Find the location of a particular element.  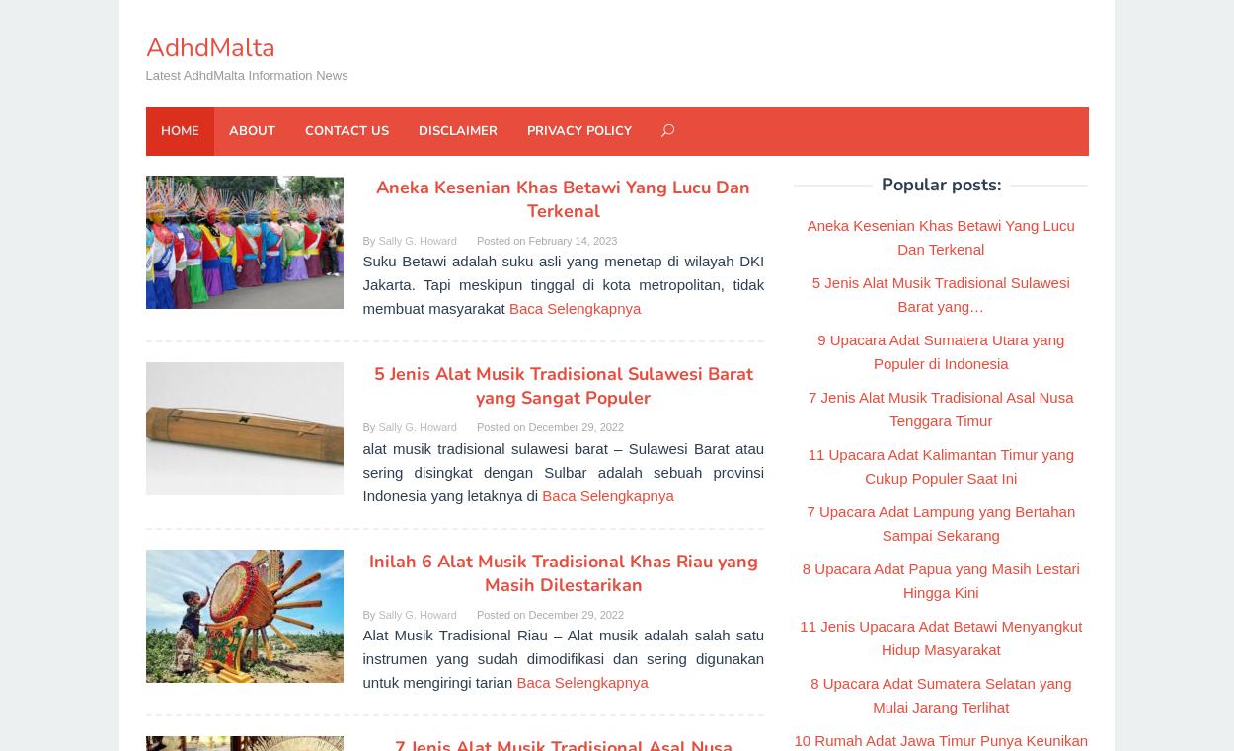

'7 Upacara Adat Lampung yang Bertahan Sampai Sekarang' is located at coordinates (940, 522).